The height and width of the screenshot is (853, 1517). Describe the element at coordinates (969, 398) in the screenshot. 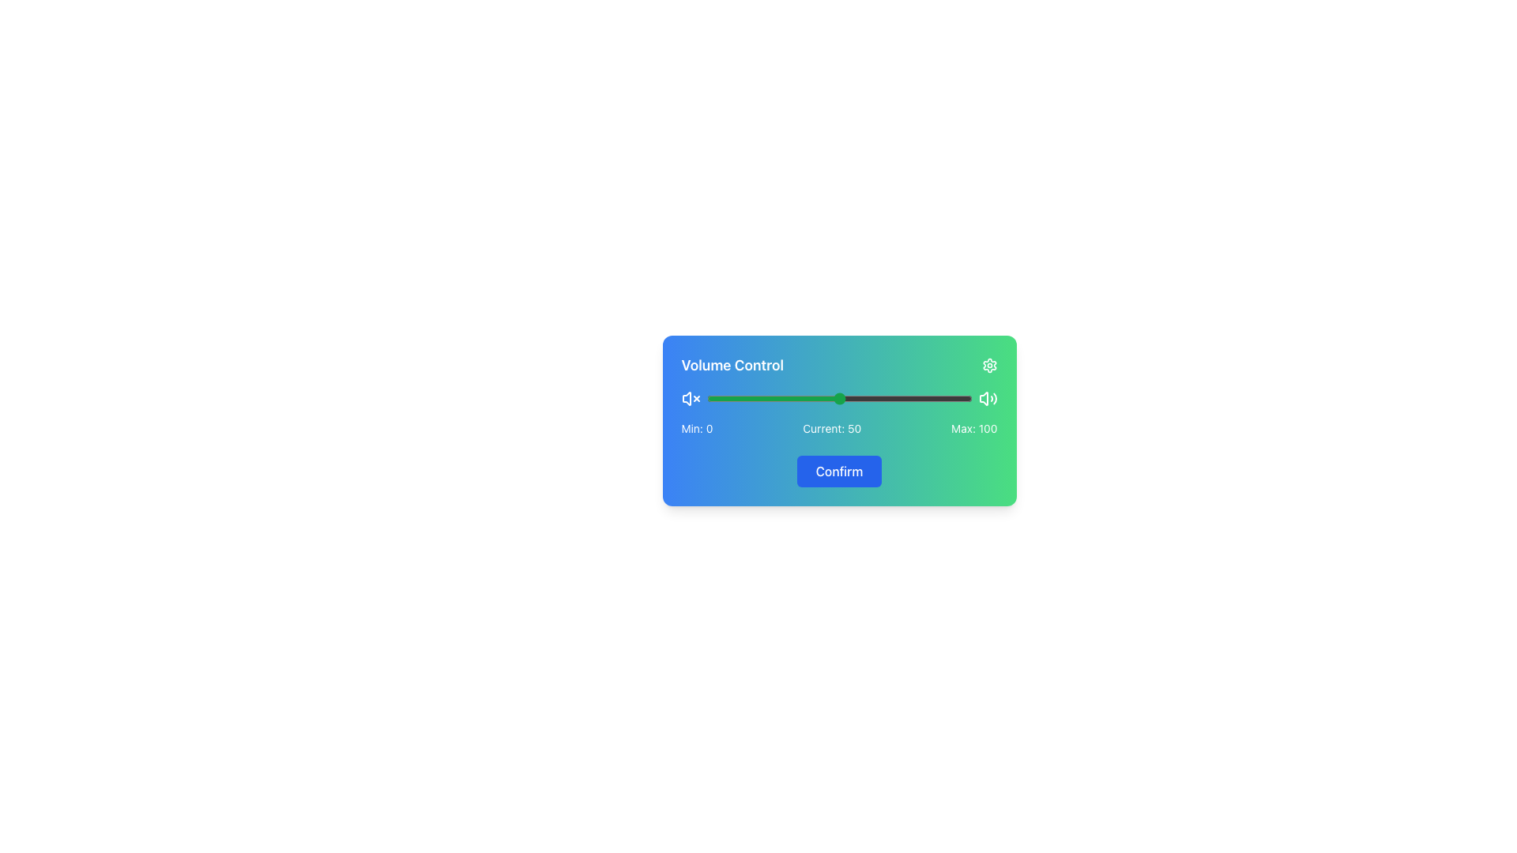

I see `the volume slider` at that location.